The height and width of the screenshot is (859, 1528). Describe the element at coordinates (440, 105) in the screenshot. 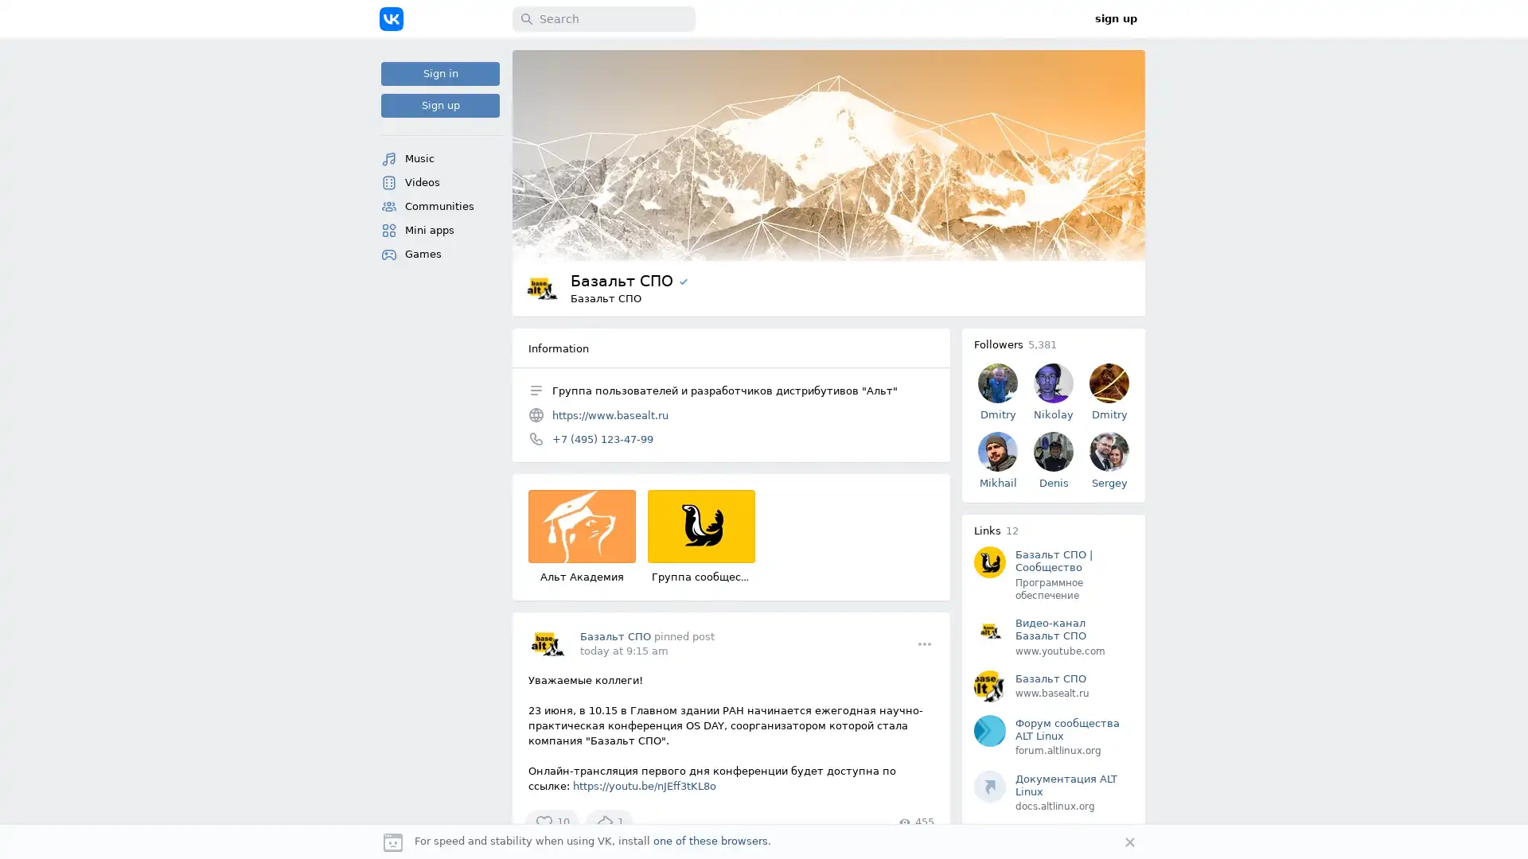

I see `Sign up` at that location.